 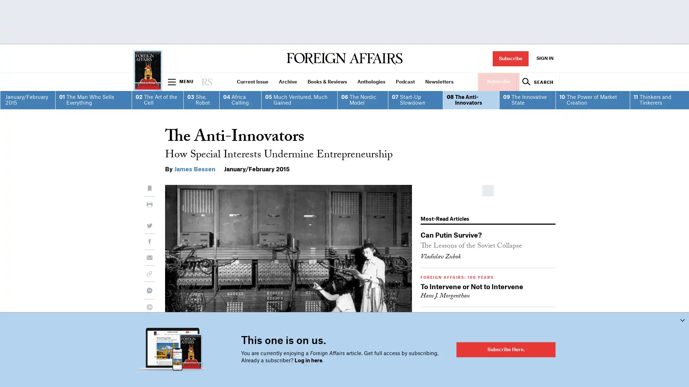 What do you see at coordinates (344, 274) in the screenshot?
I see `Get the Newsletter` at bounding box center [344, 274].